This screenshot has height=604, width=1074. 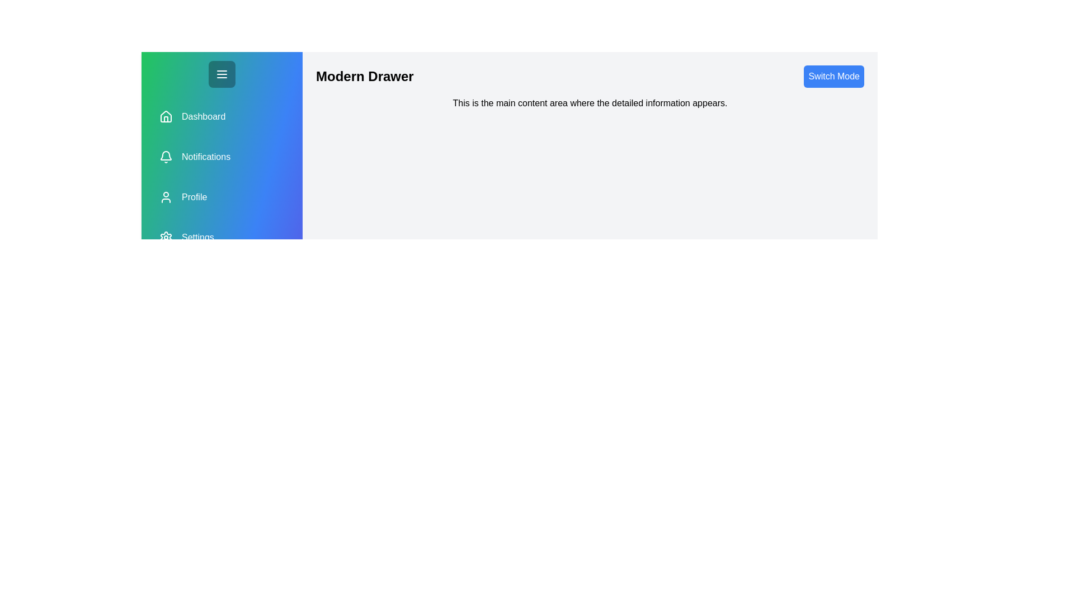 I want to click on the 'Switch Mode' button to trigger the associated action, so click(x=834, y=76).